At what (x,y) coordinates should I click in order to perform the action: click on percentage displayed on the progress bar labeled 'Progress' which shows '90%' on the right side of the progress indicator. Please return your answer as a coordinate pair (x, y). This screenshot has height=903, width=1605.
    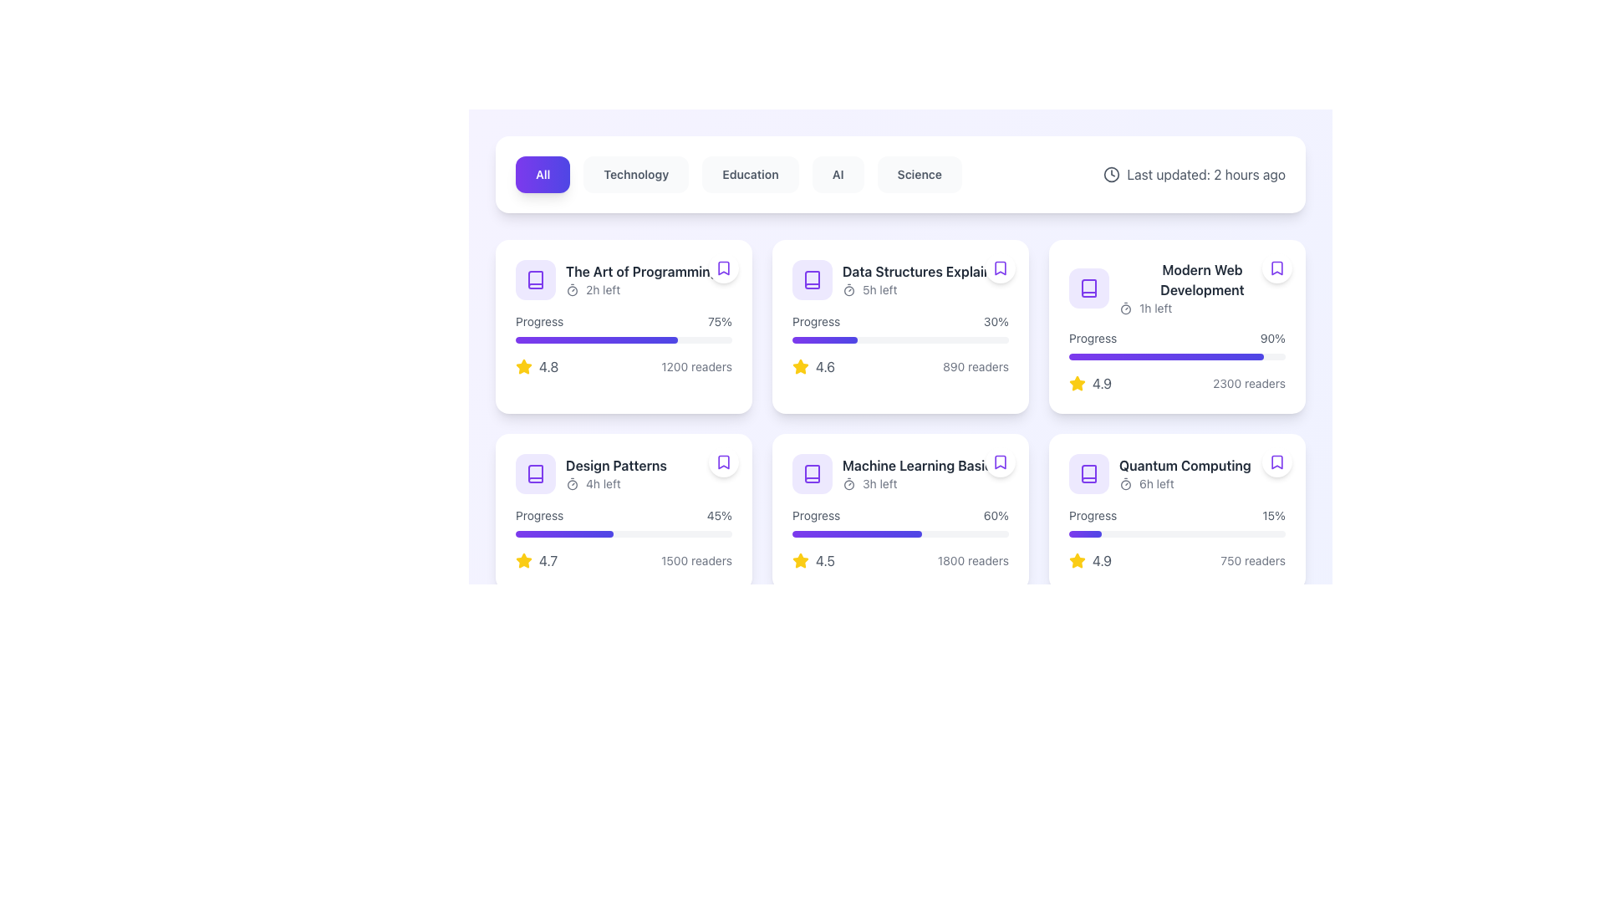
    Looking at the image, I should click on (1176, 344).